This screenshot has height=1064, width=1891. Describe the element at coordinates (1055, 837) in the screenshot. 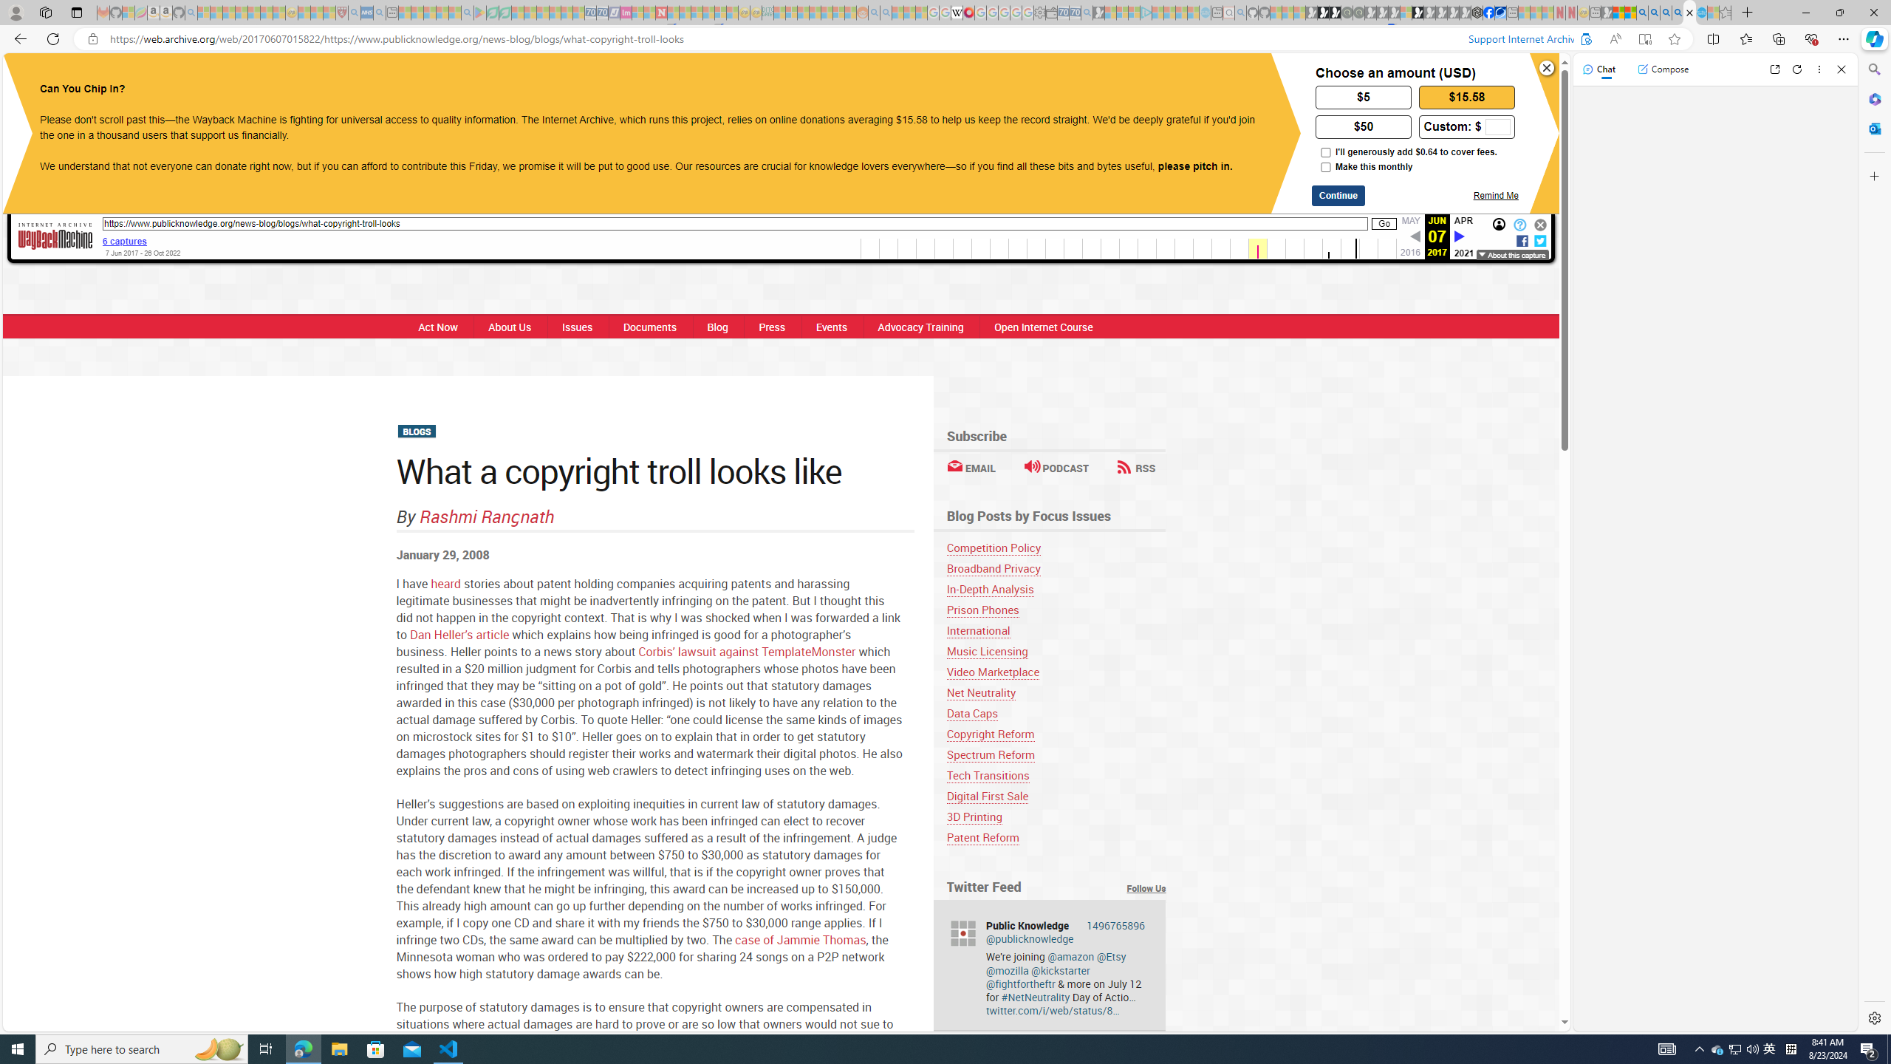

I see `'Patent Reform'` at that location.